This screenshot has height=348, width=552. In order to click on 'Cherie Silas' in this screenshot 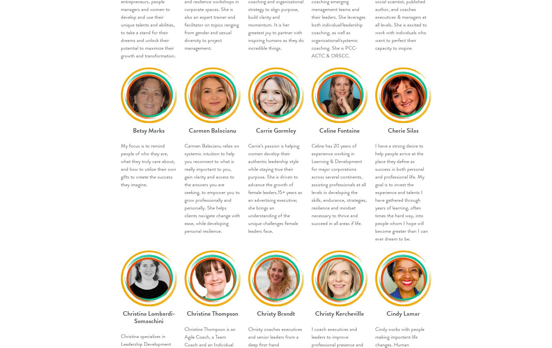, I will do `click(388, 130)`.